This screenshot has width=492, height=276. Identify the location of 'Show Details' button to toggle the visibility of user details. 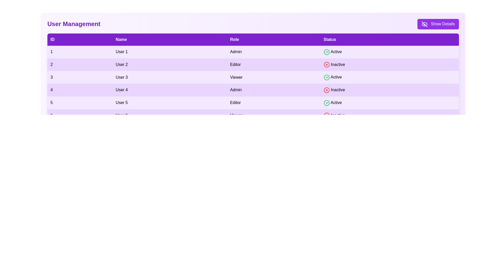
(438, 24).